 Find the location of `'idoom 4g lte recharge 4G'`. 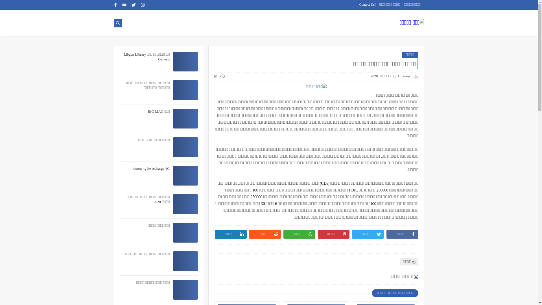

'idoom 4g lte recharge 4G' is located at coordinates (151, 168).